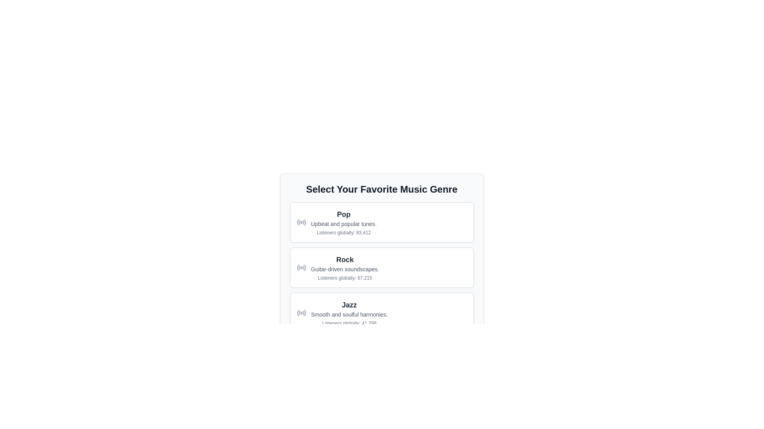  I want to click on the first segment of the radio wave icon, which is styled with a thin outline and is part of a series of concentric arcs, located to the left of the 'Jazz' text label in the 'Select Your Favorite Music Genre' list, so click(297, 312).